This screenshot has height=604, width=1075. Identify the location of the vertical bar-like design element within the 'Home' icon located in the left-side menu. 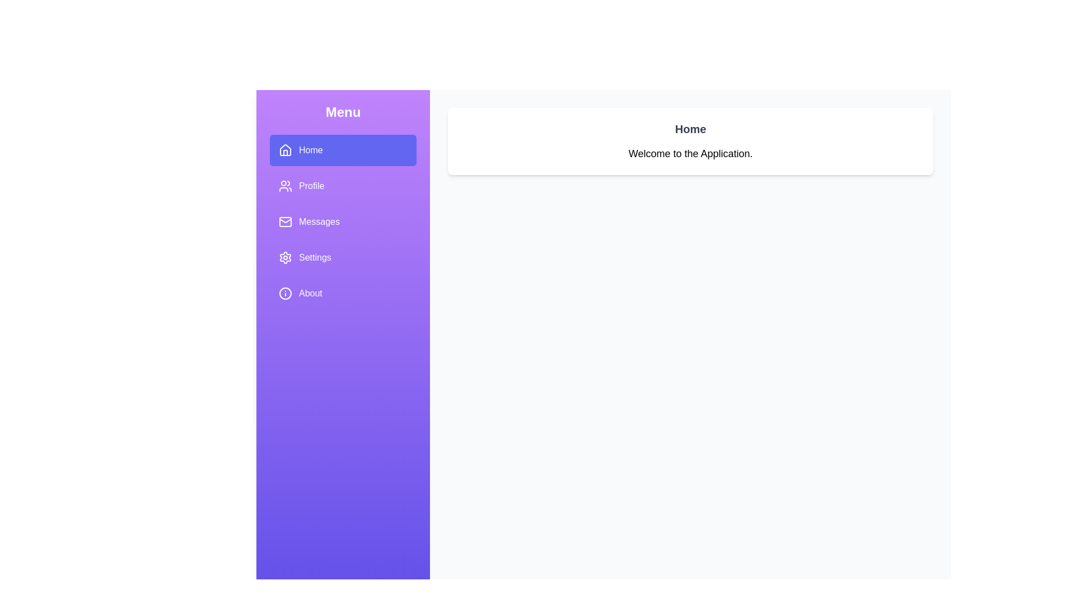
(285, 153).